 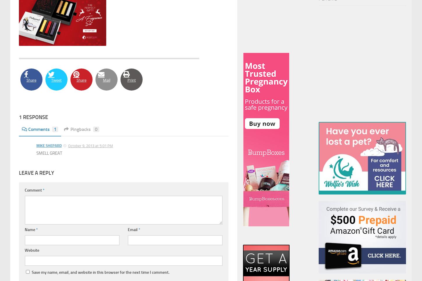 I want to click on 'Leave a Reply', so click(x=36, y=173).